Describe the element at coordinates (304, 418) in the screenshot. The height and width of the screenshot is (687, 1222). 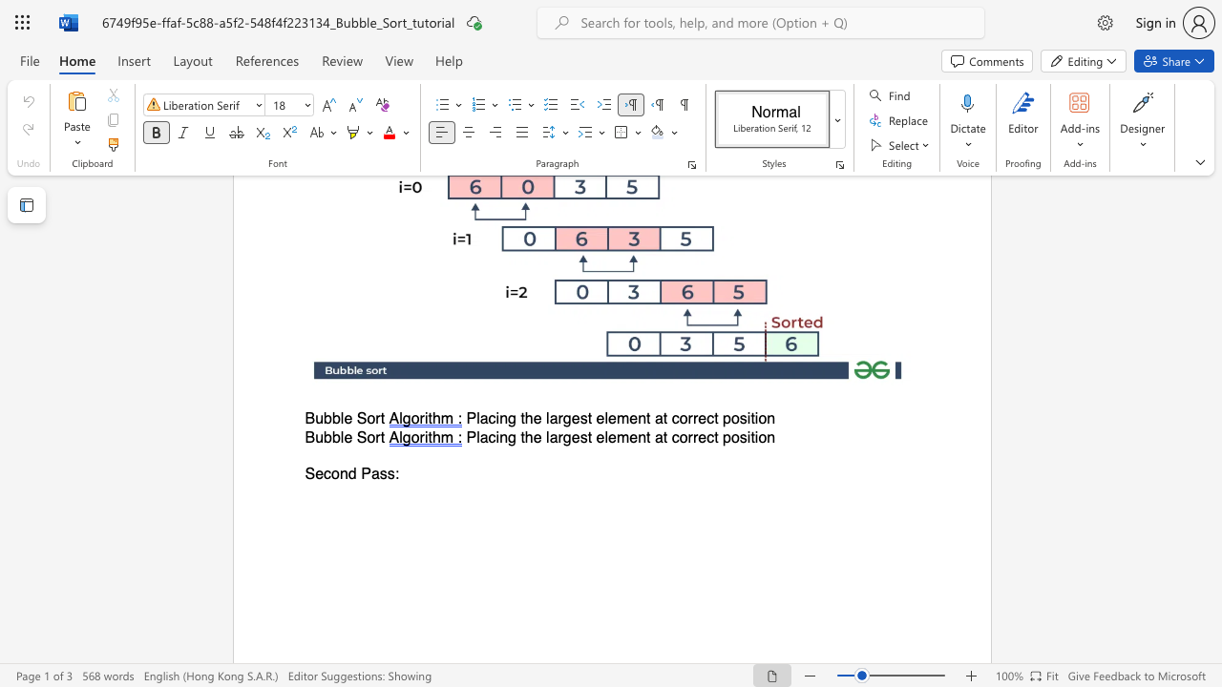
I see `the subset text "Bubbl" within the text "Bubble Sort"` at that location.